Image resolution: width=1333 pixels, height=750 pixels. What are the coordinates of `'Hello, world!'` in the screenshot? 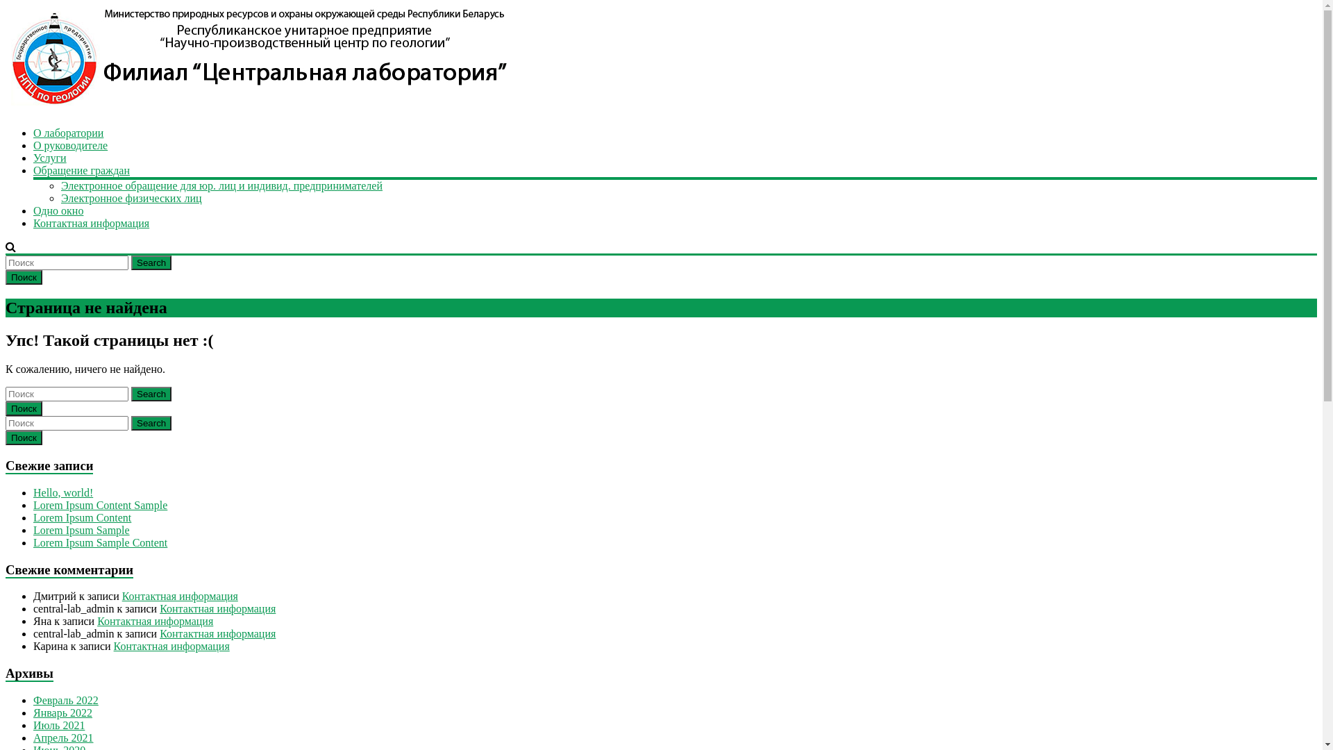 It's located at (62, 492).